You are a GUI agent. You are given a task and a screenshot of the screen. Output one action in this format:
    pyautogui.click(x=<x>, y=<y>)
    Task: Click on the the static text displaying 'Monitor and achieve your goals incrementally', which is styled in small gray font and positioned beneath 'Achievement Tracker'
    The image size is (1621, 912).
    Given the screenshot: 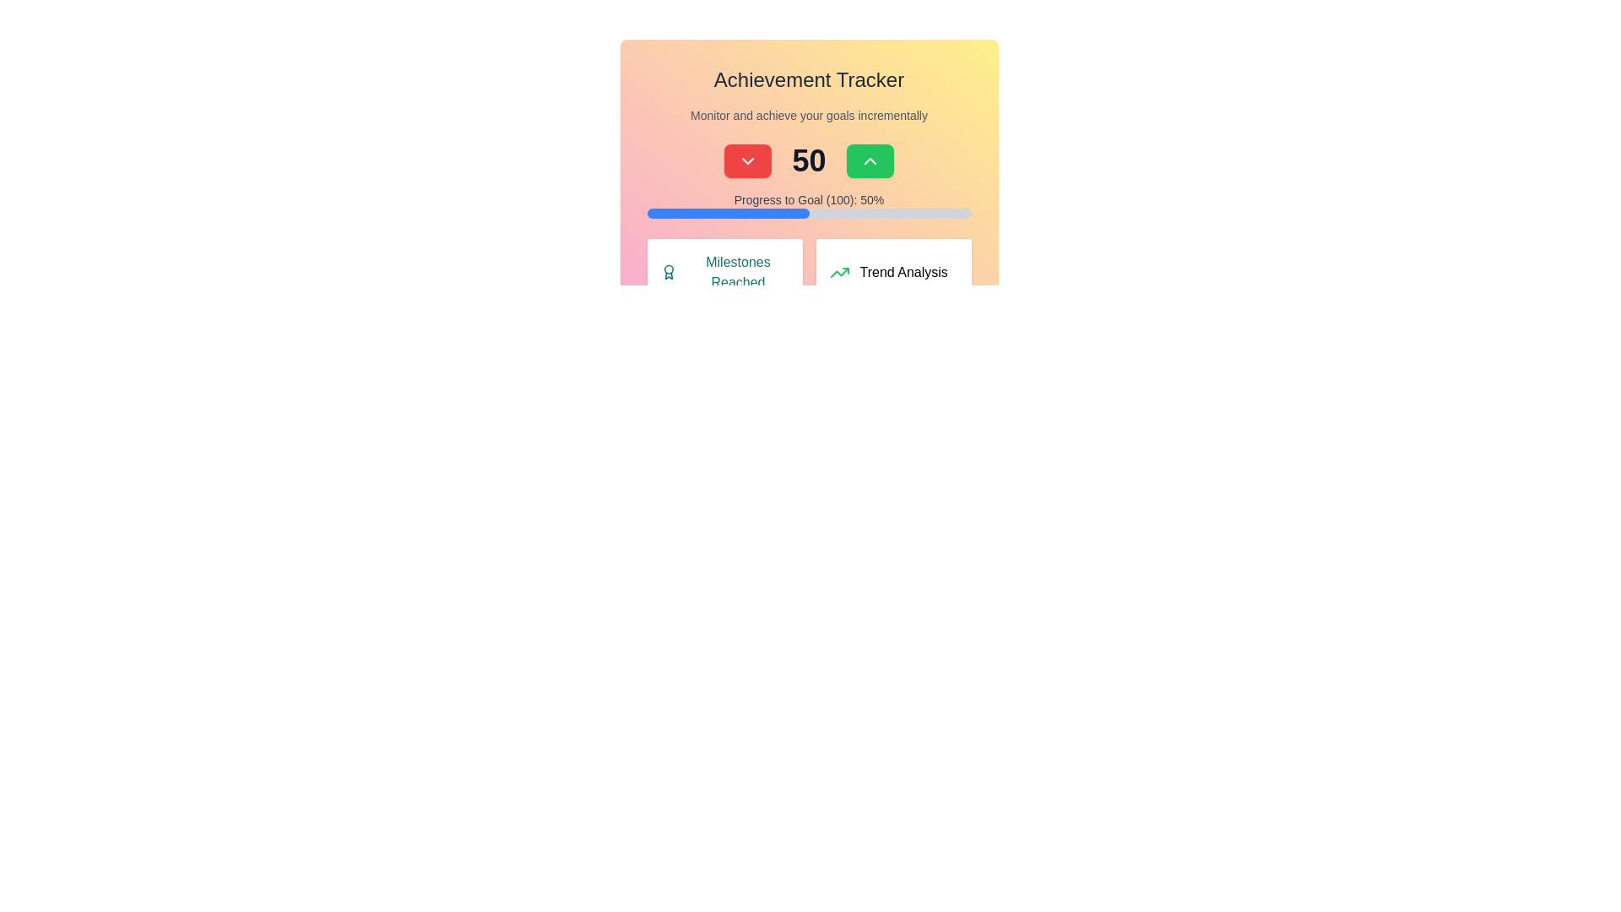 What is the action you would take?
    pyautogui.click(x=808, y=115)
    